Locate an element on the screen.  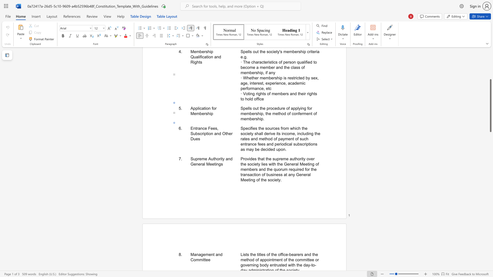
the 1th character "g" in the text is located at coordinates (220, 164).